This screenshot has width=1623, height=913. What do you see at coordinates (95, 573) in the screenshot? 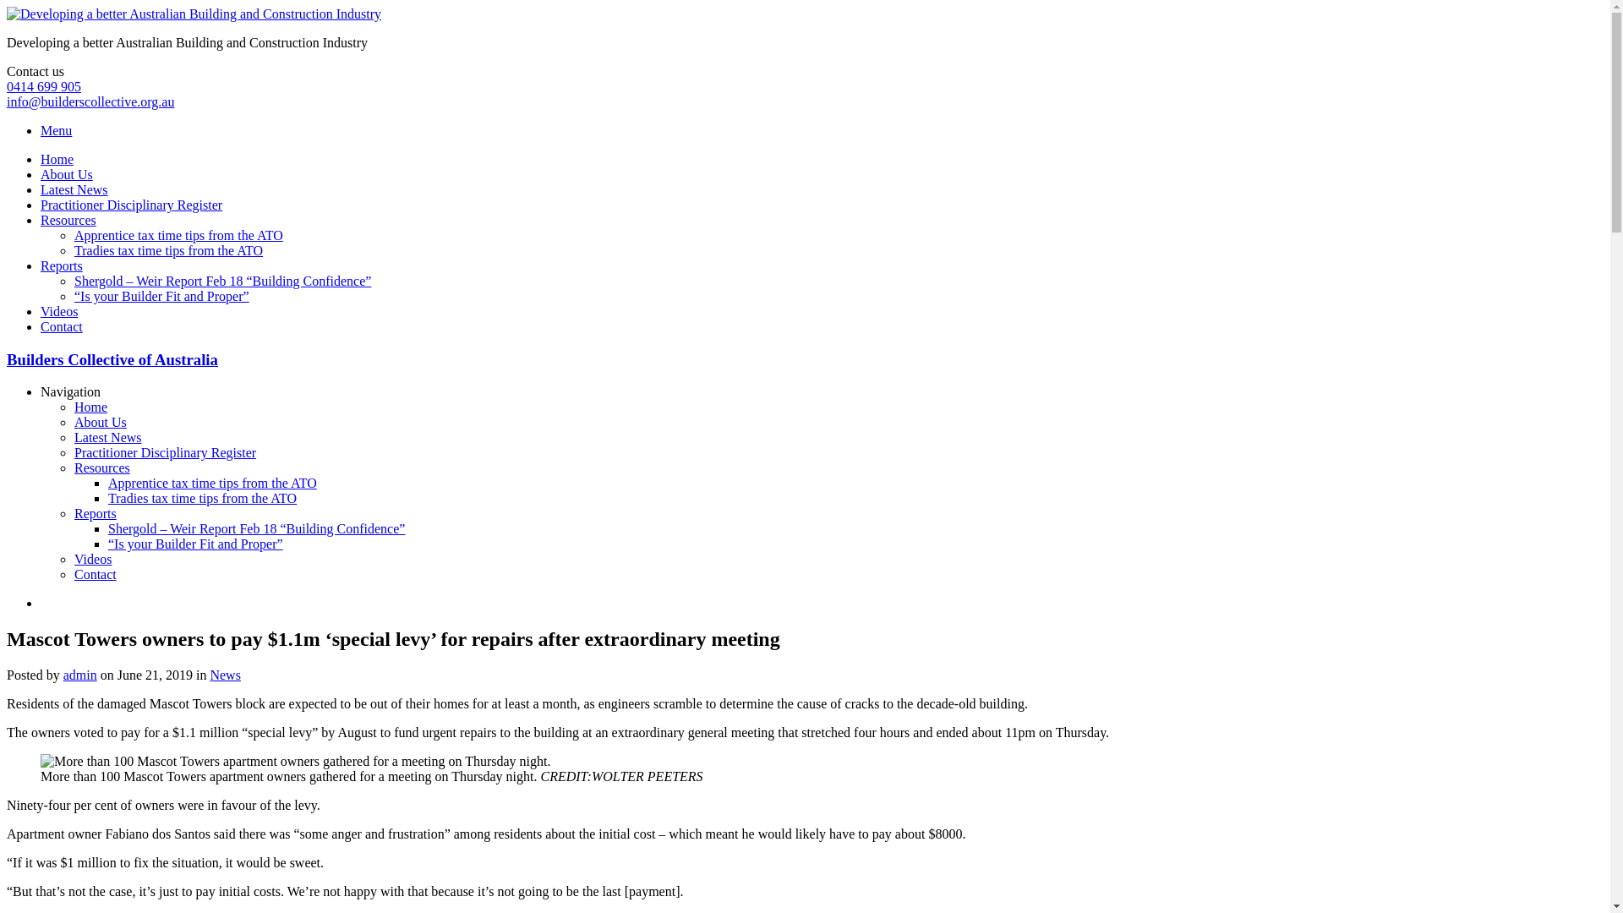
I see `'Contact'` at bounding box center [95, 573].